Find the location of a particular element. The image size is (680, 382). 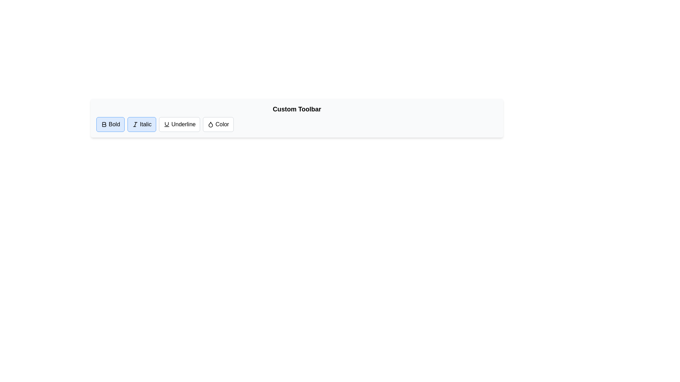

the text label displaying 'Bold', which is contained within a button group with a blue background, located in the toolbar section's leftmost button group is located at coordinates (114, 124).